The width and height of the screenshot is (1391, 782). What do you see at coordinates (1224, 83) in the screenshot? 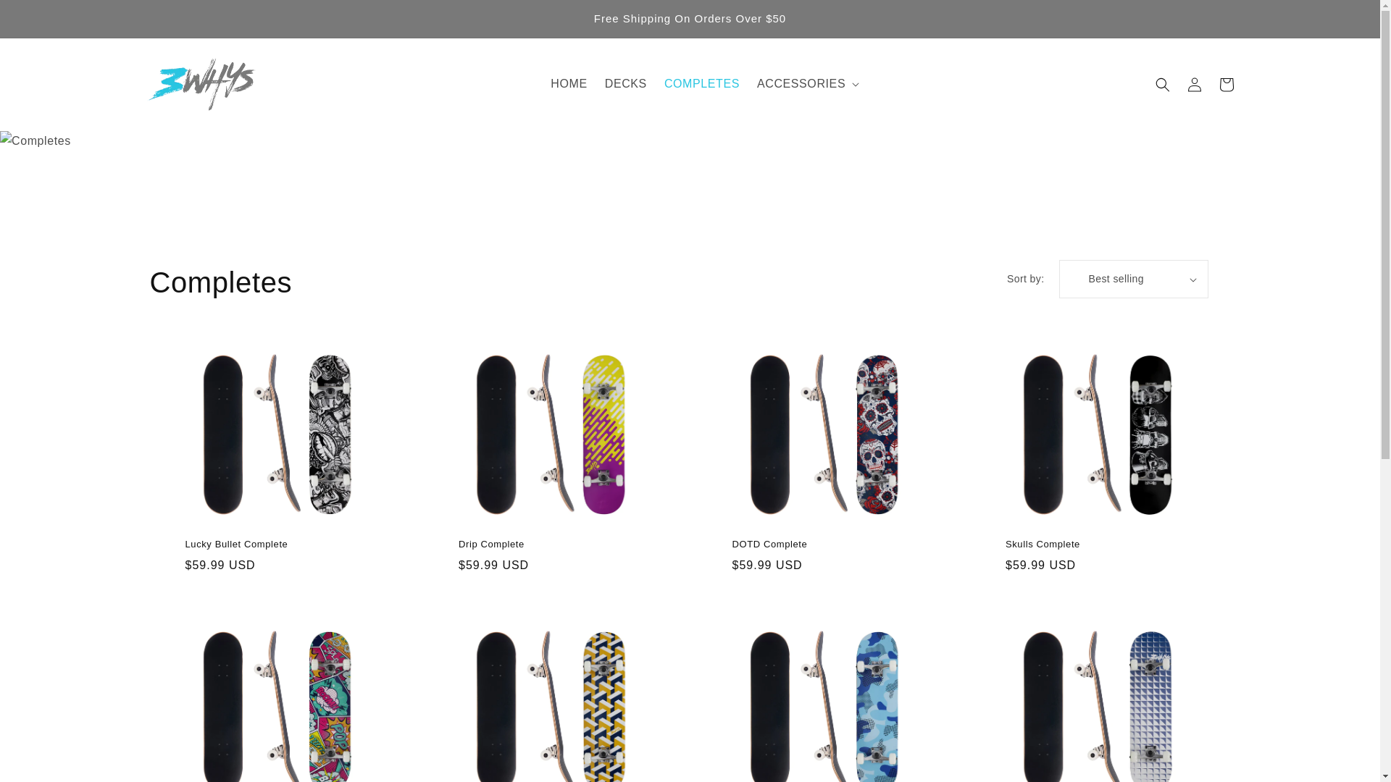
I see `'Cart'` at bounding box center [1224, 83].